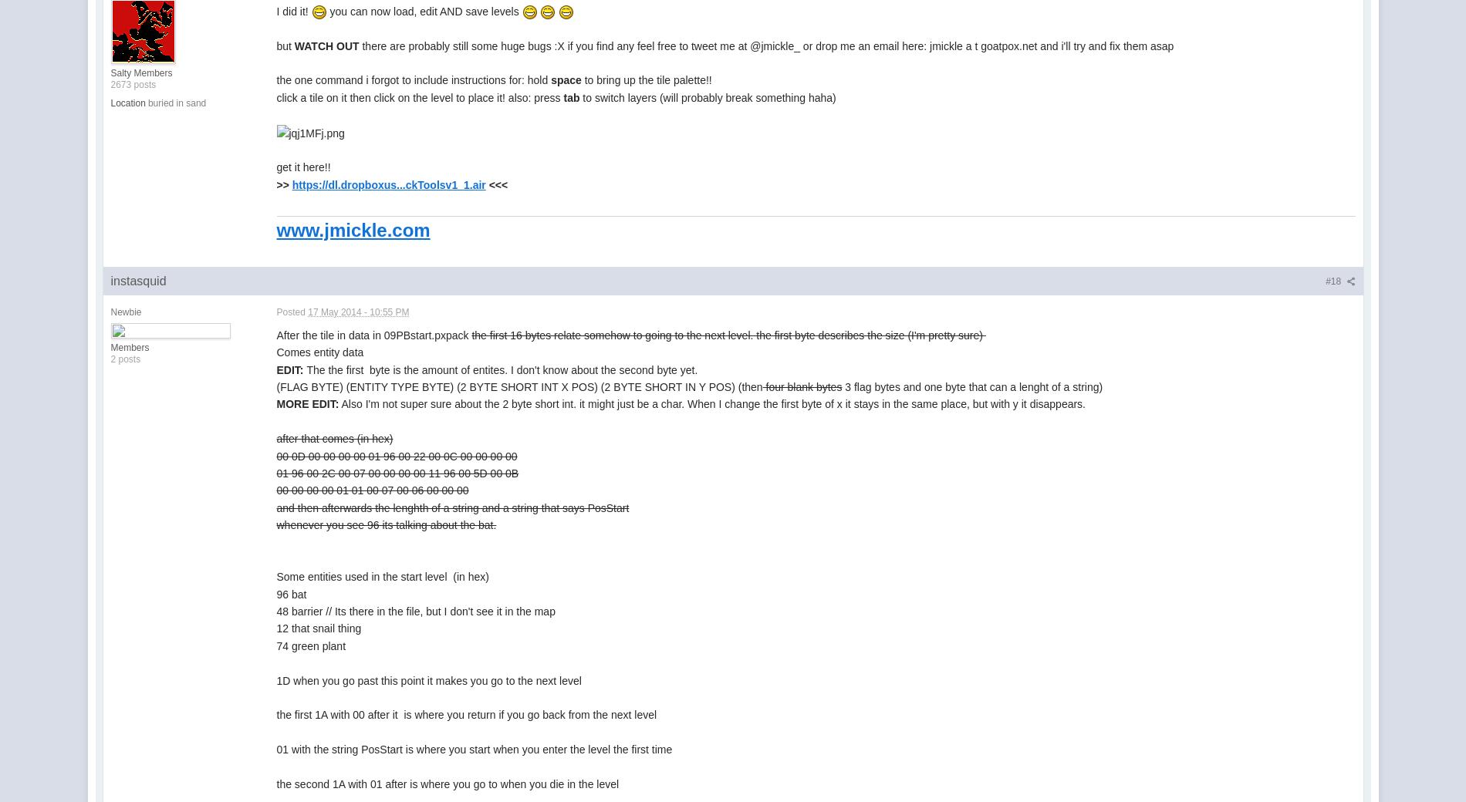 The height and width of the screenshot is (802, 1466). Describe the element at coordinates (137, 280) in the screenshot. I see `'instasquid'` at that location.